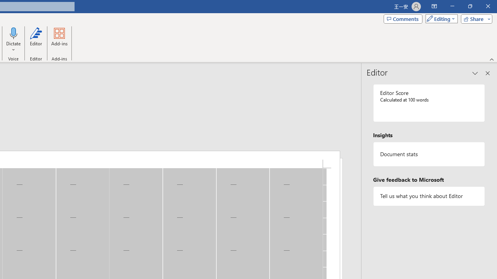 The width and height of the screenshot is (497, 279). What do you see at coordinates (475, 73) in the screenshot?
I see `'Task Pane Options'` at bounding box center [475, 73].